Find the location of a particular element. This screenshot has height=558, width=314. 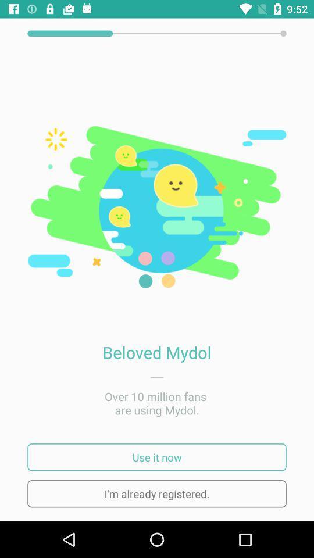

item below the use it now item is located at coordinates (157, 493).